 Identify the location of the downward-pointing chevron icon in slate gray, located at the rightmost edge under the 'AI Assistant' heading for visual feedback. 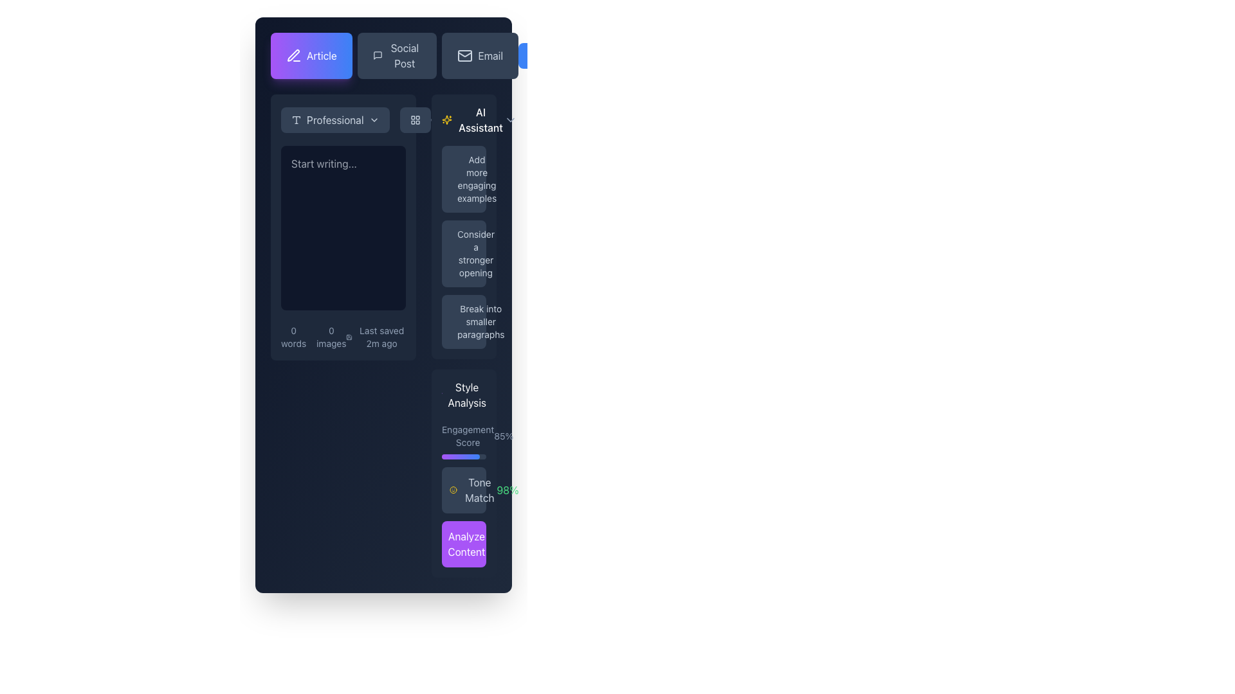
(509, 120).